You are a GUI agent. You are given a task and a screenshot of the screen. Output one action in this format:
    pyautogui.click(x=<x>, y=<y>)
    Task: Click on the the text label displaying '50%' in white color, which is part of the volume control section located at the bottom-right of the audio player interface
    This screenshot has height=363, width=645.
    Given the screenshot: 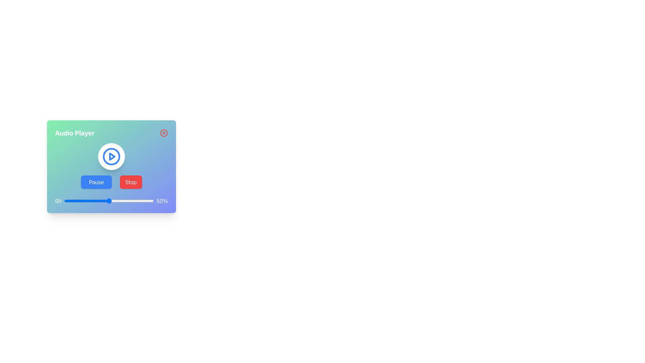 What is the action you would take?
    pyautogui.click(x=162, y=200)
    